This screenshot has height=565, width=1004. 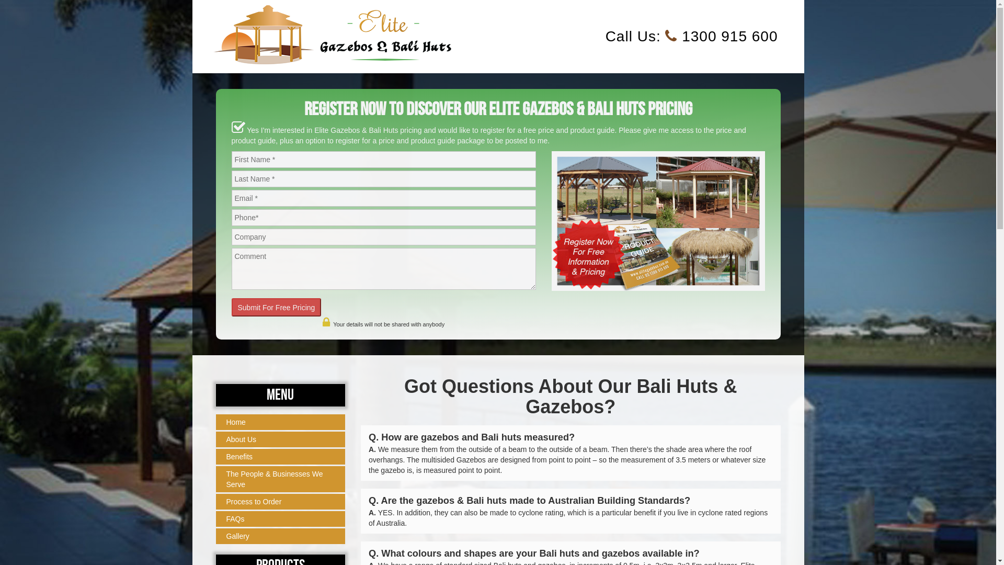 What do you see at coordinates (280, 479) in the screenshot?
I see `'The People & Businesses We Serve'` at bounding box center [280, 479].